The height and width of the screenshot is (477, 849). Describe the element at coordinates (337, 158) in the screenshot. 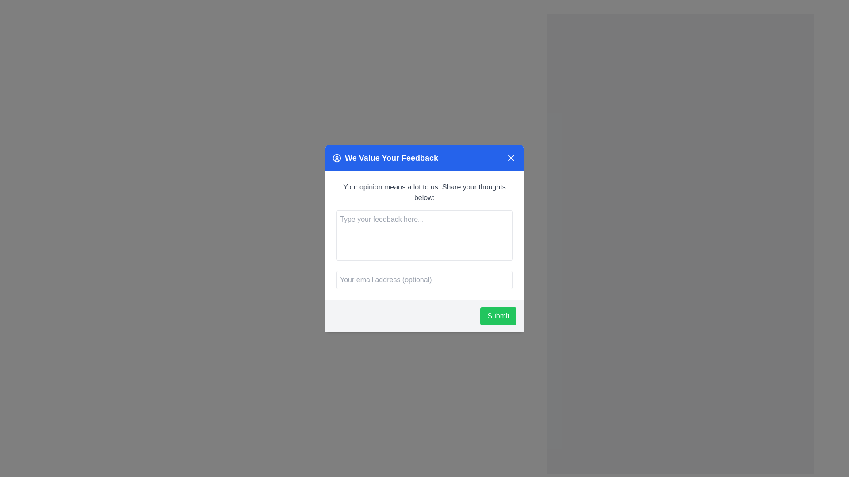

I see `the circular outline graphic component located in the upper-left corner of the feedback modal header next to the title 'We Value Your Feedback'` at that location.